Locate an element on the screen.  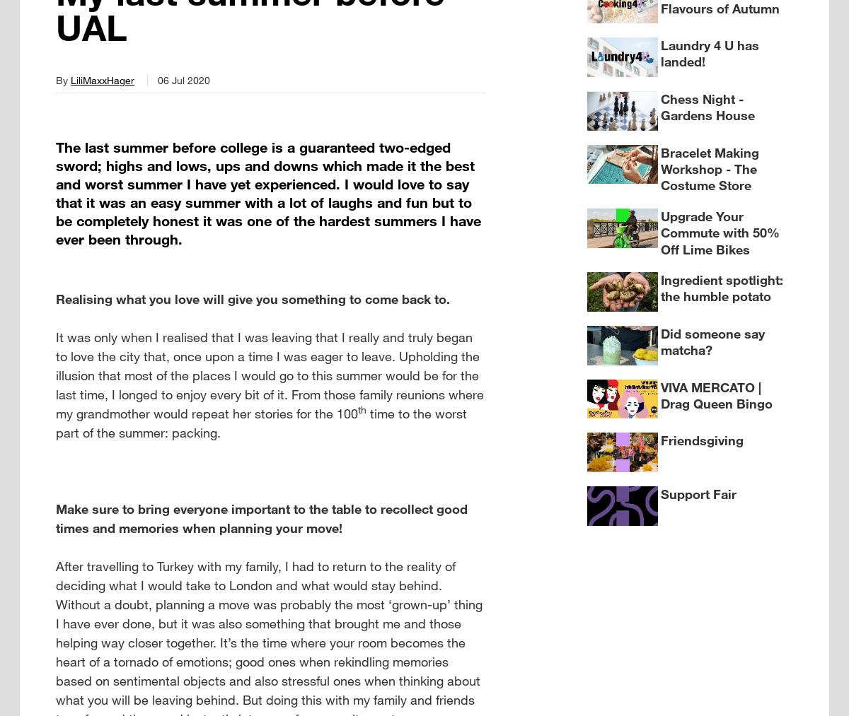
'Make sure to bring everyone important to the table to recollect good times and memories when planning your move!' is located at coordinates (261, 517).